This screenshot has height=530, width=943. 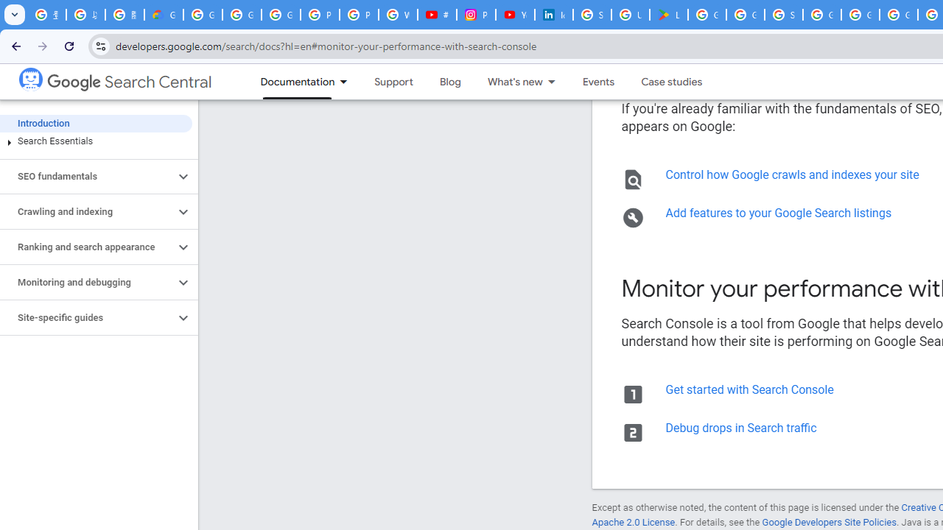 What do you see at coordinates (86, 176) in the screenshot?
I see `'SEO fundamentals'` at bounding box center [86, 176].